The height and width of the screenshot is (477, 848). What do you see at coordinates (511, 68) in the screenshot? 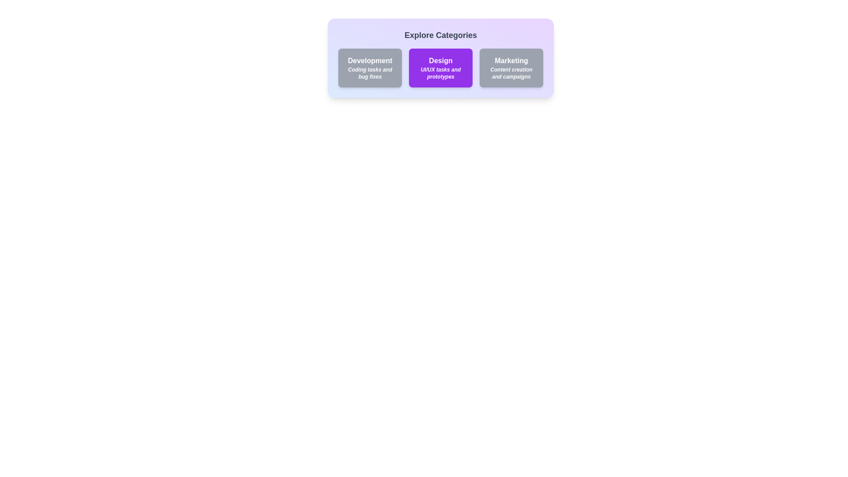
I see `the chip labeled Marketing to observe hover effects` at bounding box center [511, 68].